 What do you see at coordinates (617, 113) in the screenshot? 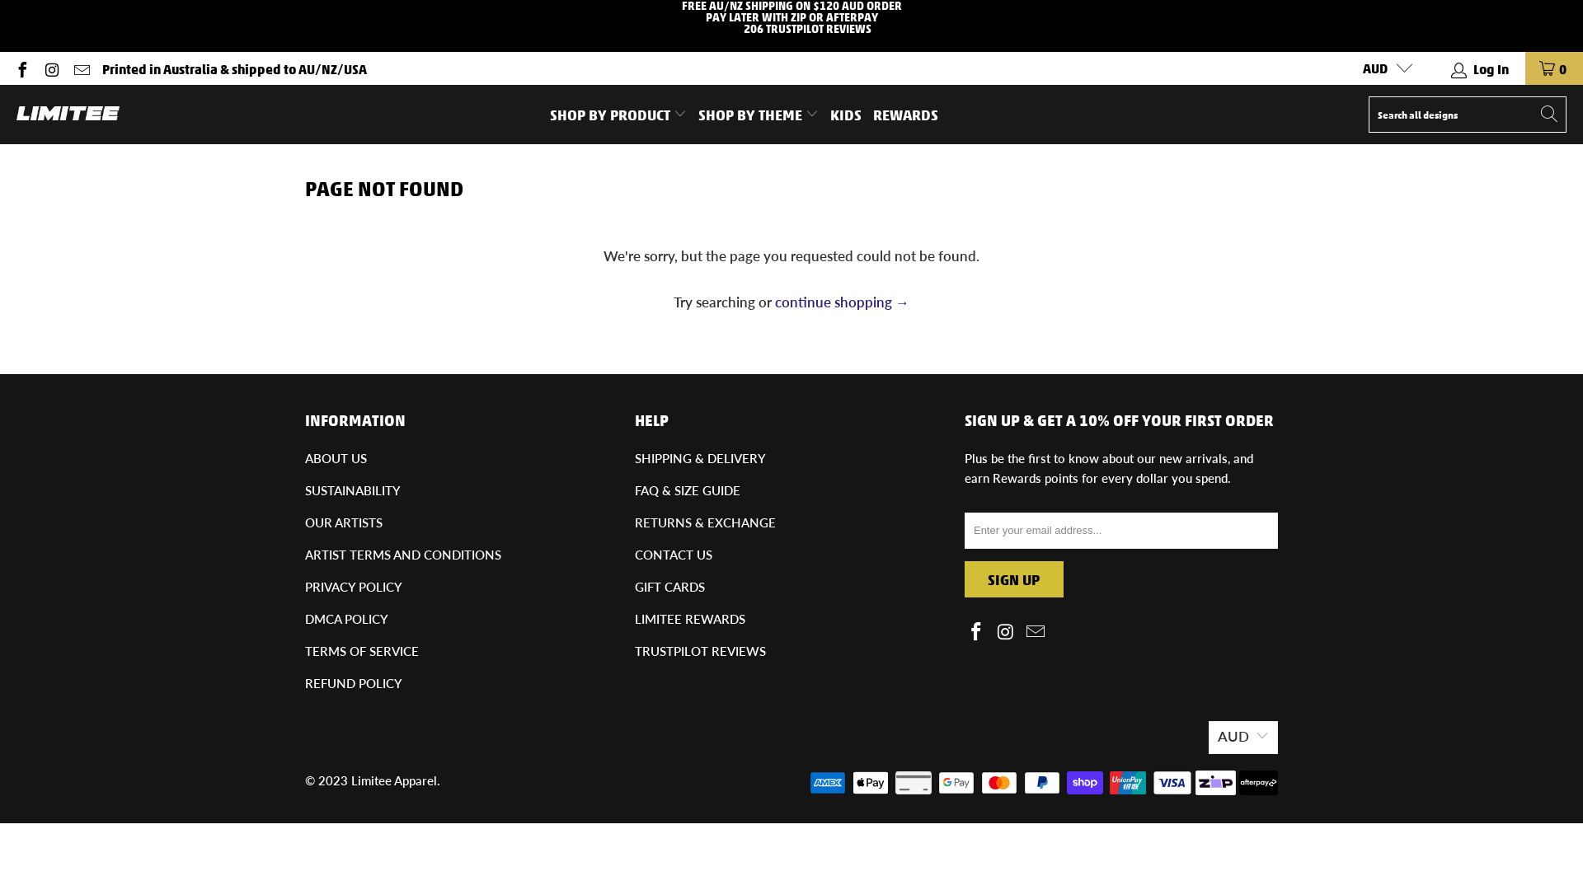
I see `'SHOP BY PRODUCT'` at bounding box center [617, 113].